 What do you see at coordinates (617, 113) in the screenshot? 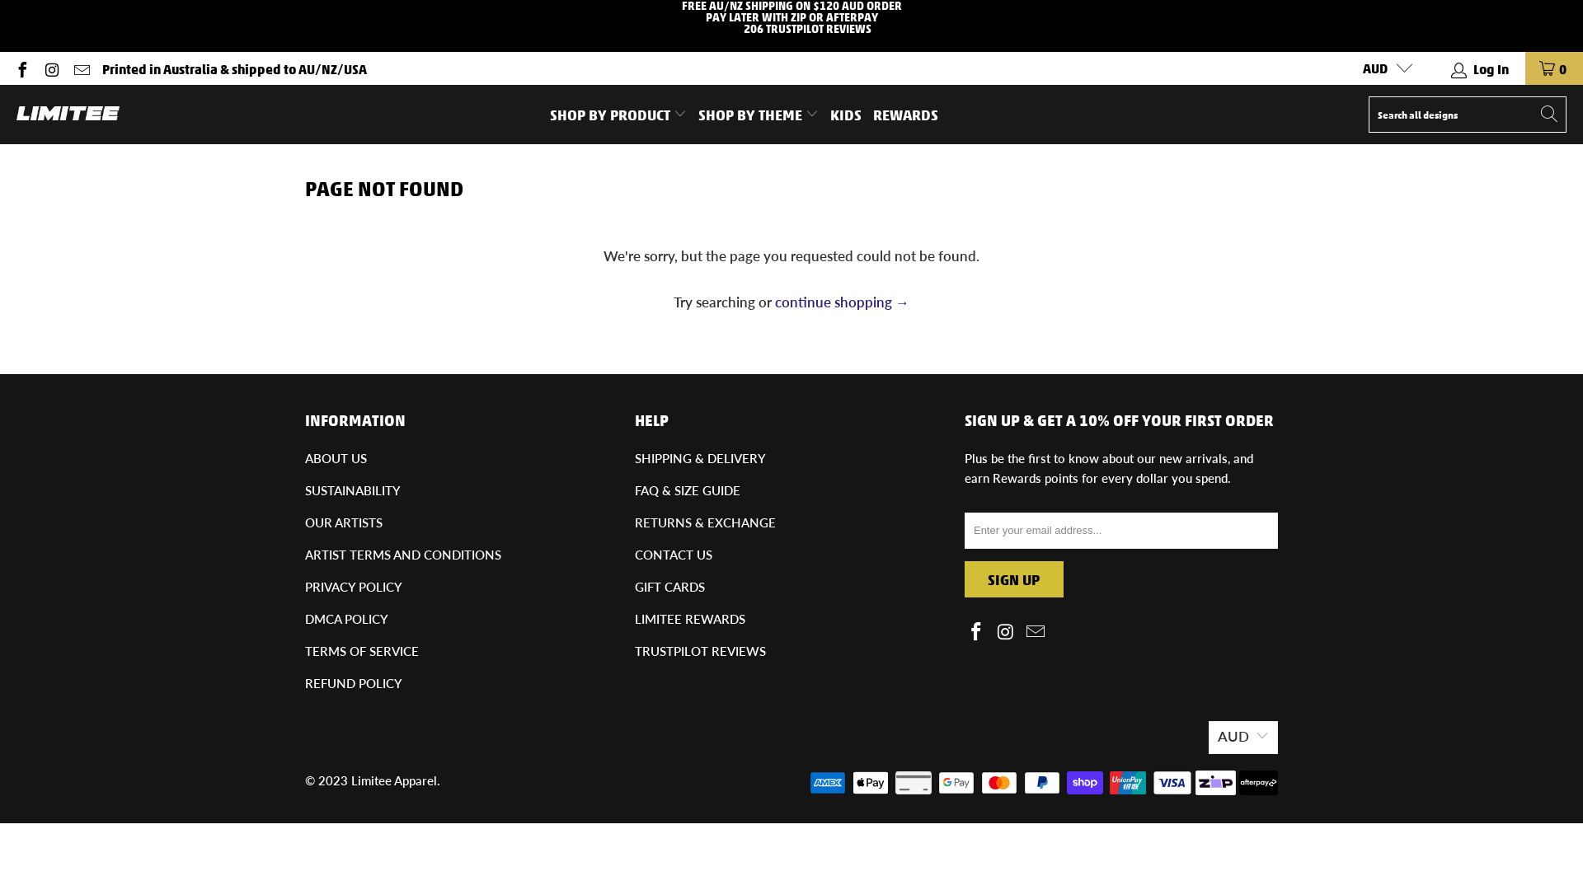
I see `'SHOP BY PRODUCT'` at bounding box center [617, 113].